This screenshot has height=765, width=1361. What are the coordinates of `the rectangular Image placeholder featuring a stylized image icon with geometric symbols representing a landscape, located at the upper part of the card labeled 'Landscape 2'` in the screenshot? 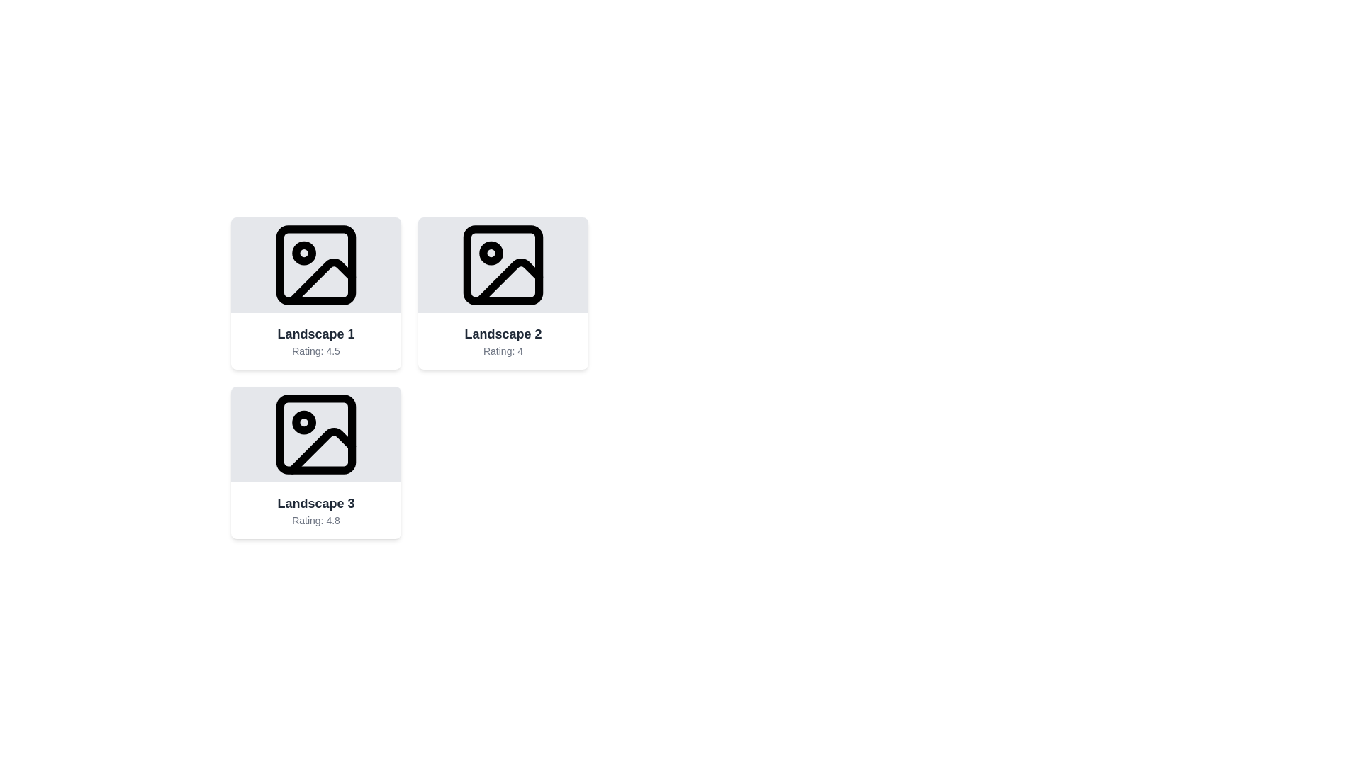 It's located at (503, 265).